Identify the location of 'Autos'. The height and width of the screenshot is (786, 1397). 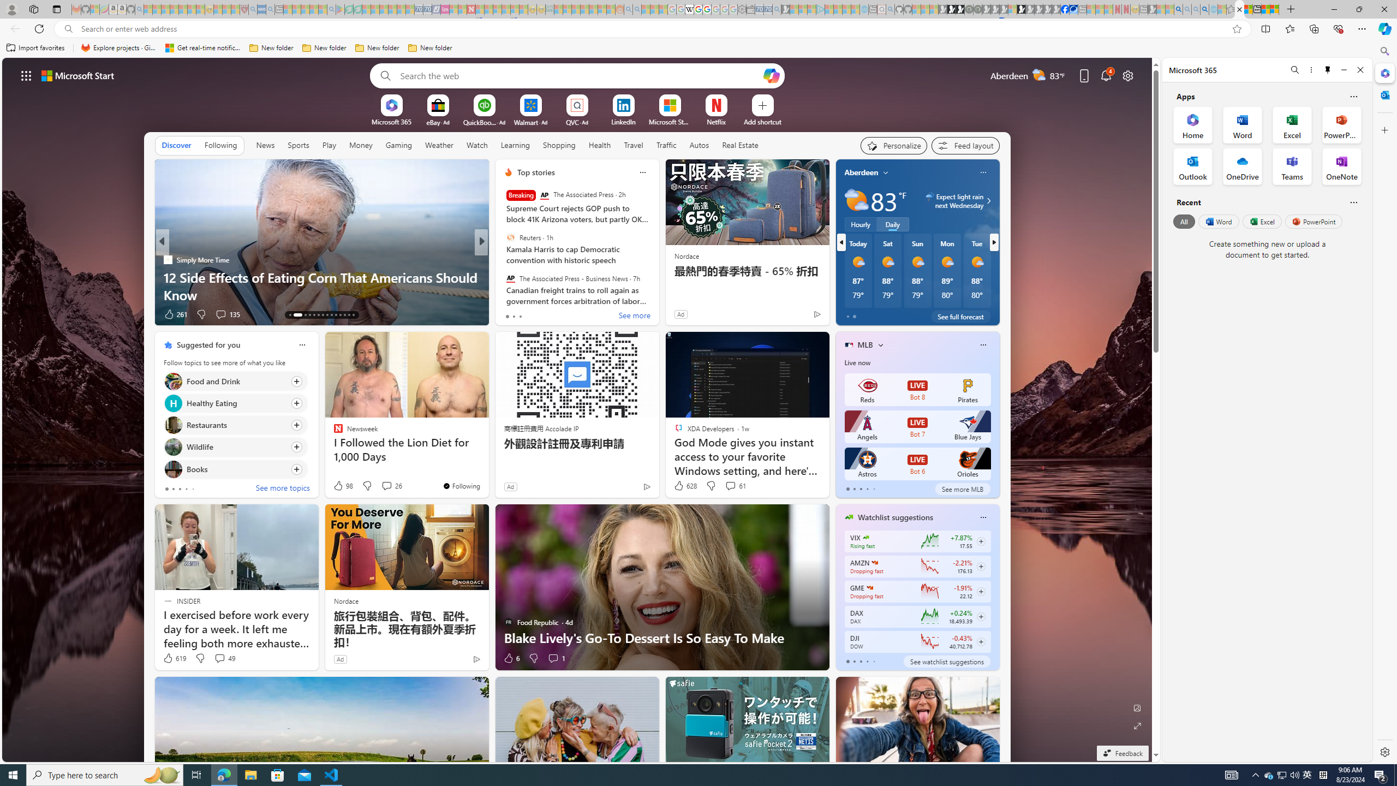
(699, 144).